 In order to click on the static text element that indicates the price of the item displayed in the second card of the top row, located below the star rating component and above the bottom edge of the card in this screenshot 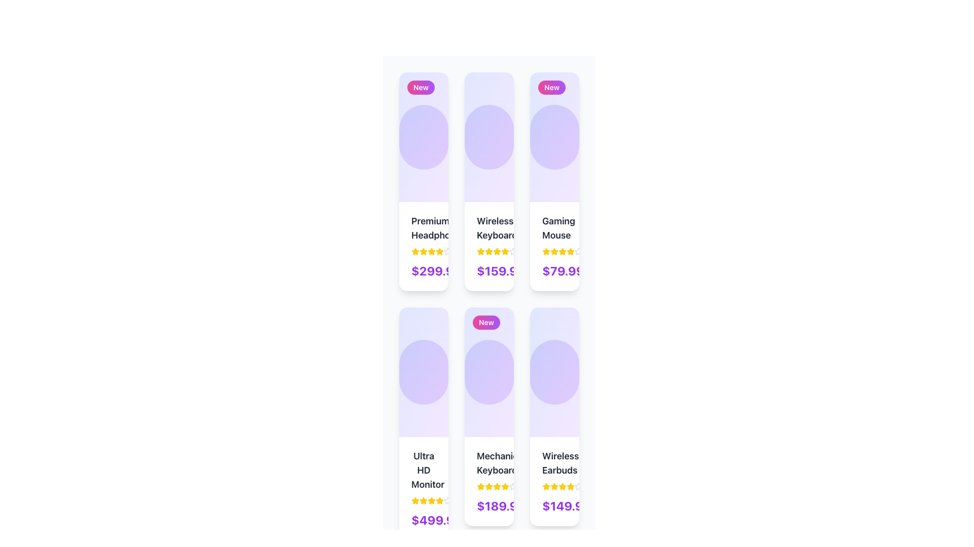, I will do `click(501, 270)`.